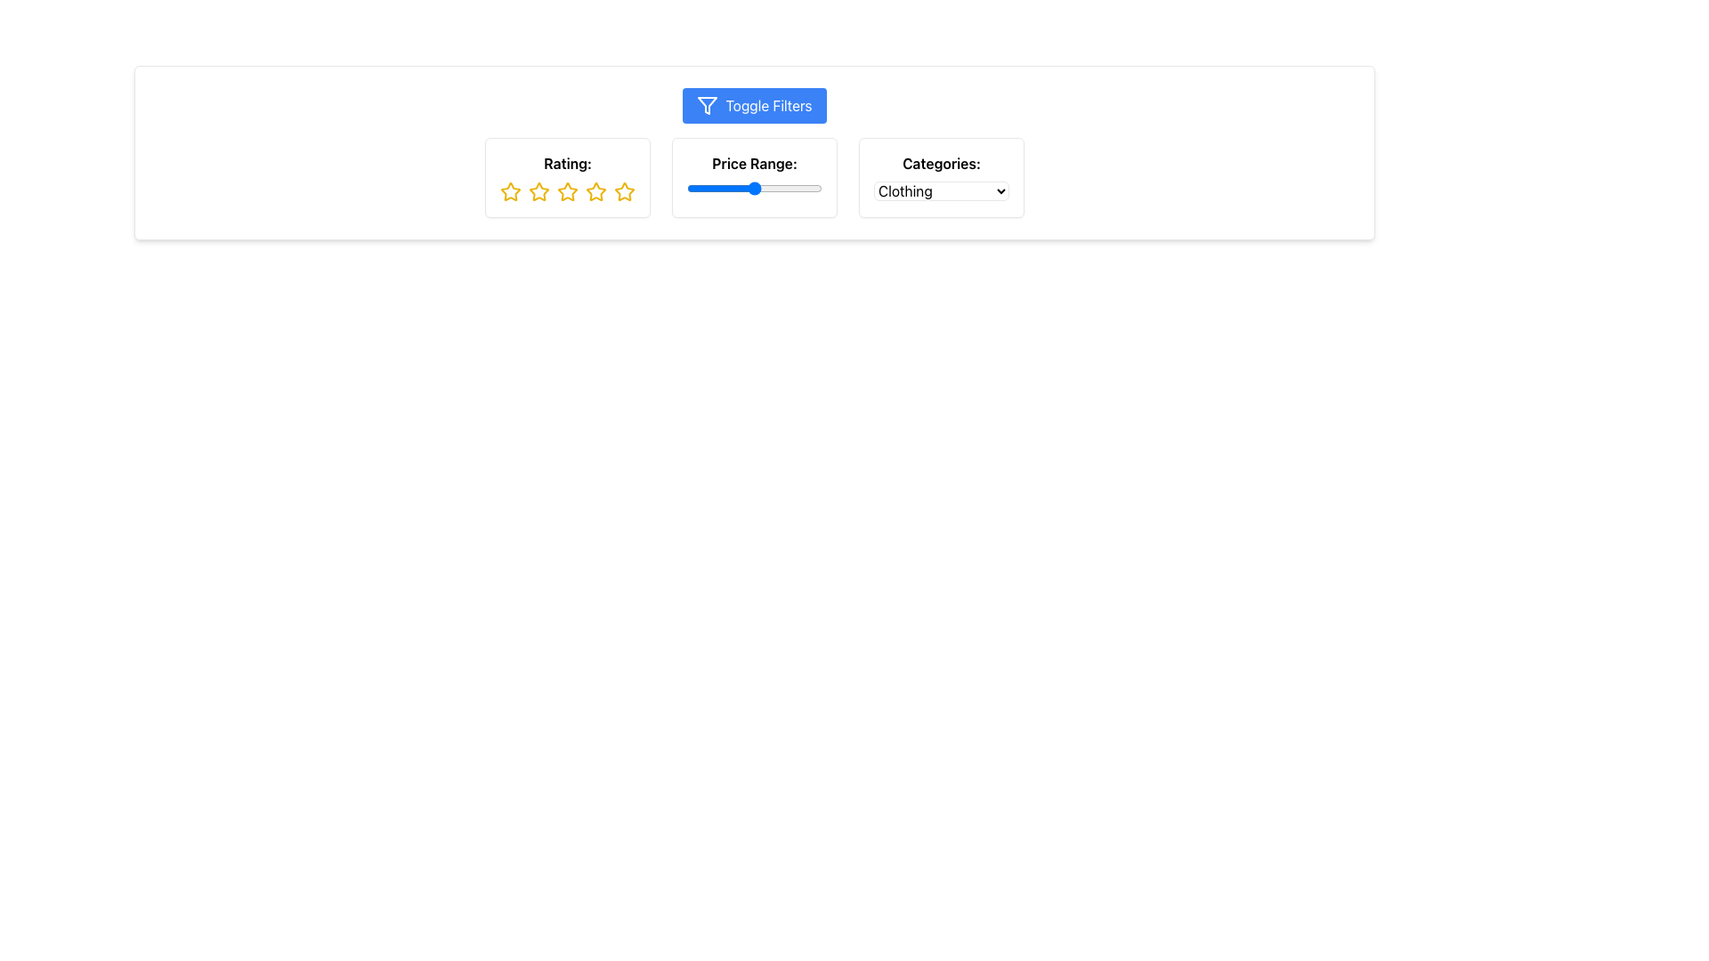 This screenshot has height=961, width=1709. I want to click on the 'Clothing' dropdown menu, so click(940, 191).